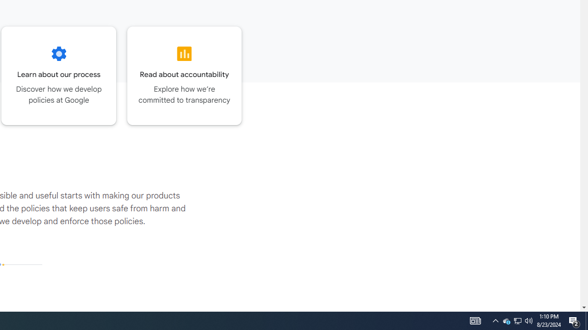  What do you see at coordinates (58, 75) in the screenshot?
I see `'Go to the Our process page'` at bounding box center [58, 75].